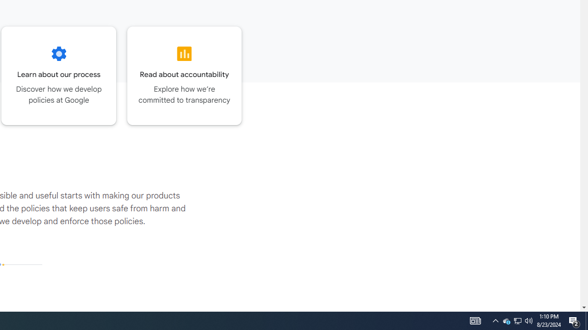  What do you see at coordinates (58, 75) in the screenshot?
I see `'Go to the Our process page'` at bounding box center [58, 75].